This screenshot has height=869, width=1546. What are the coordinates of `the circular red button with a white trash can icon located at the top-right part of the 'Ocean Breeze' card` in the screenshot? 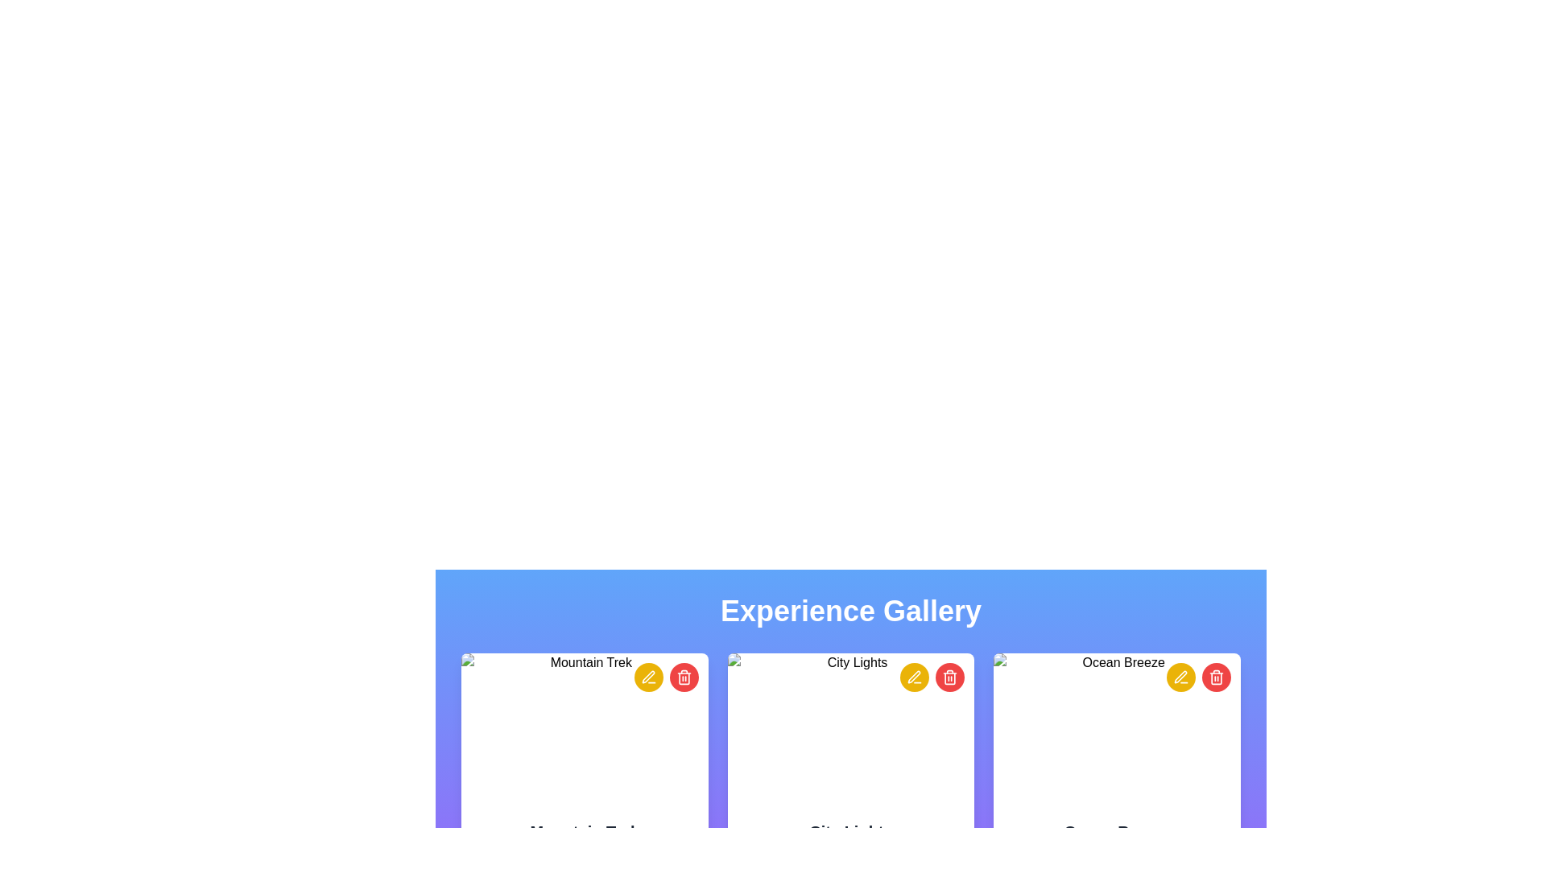 It's located at (1217, 677).